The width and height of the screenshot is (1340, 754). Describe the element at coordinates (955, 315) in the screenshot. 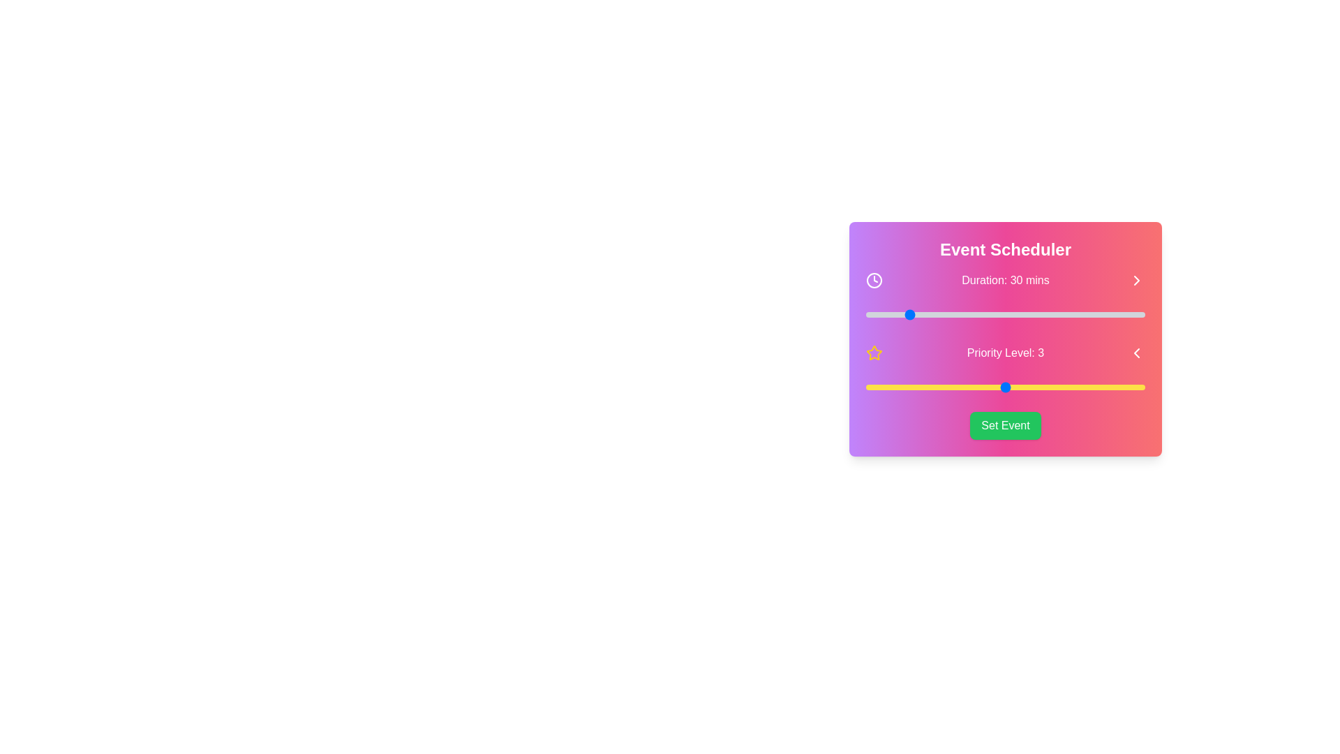

I see `the slider` at that location.